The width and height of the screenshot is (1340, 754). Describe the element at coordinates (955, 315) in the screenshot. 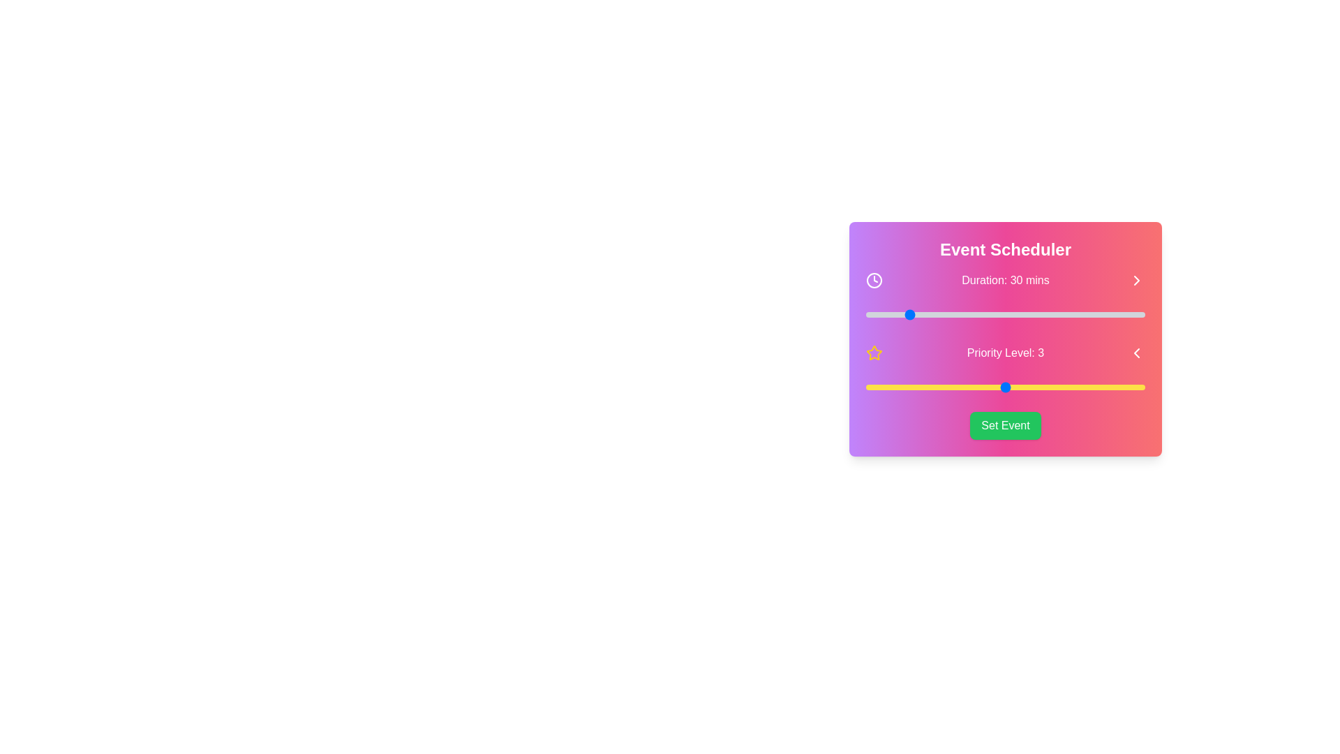

I see `the slider` at that location.